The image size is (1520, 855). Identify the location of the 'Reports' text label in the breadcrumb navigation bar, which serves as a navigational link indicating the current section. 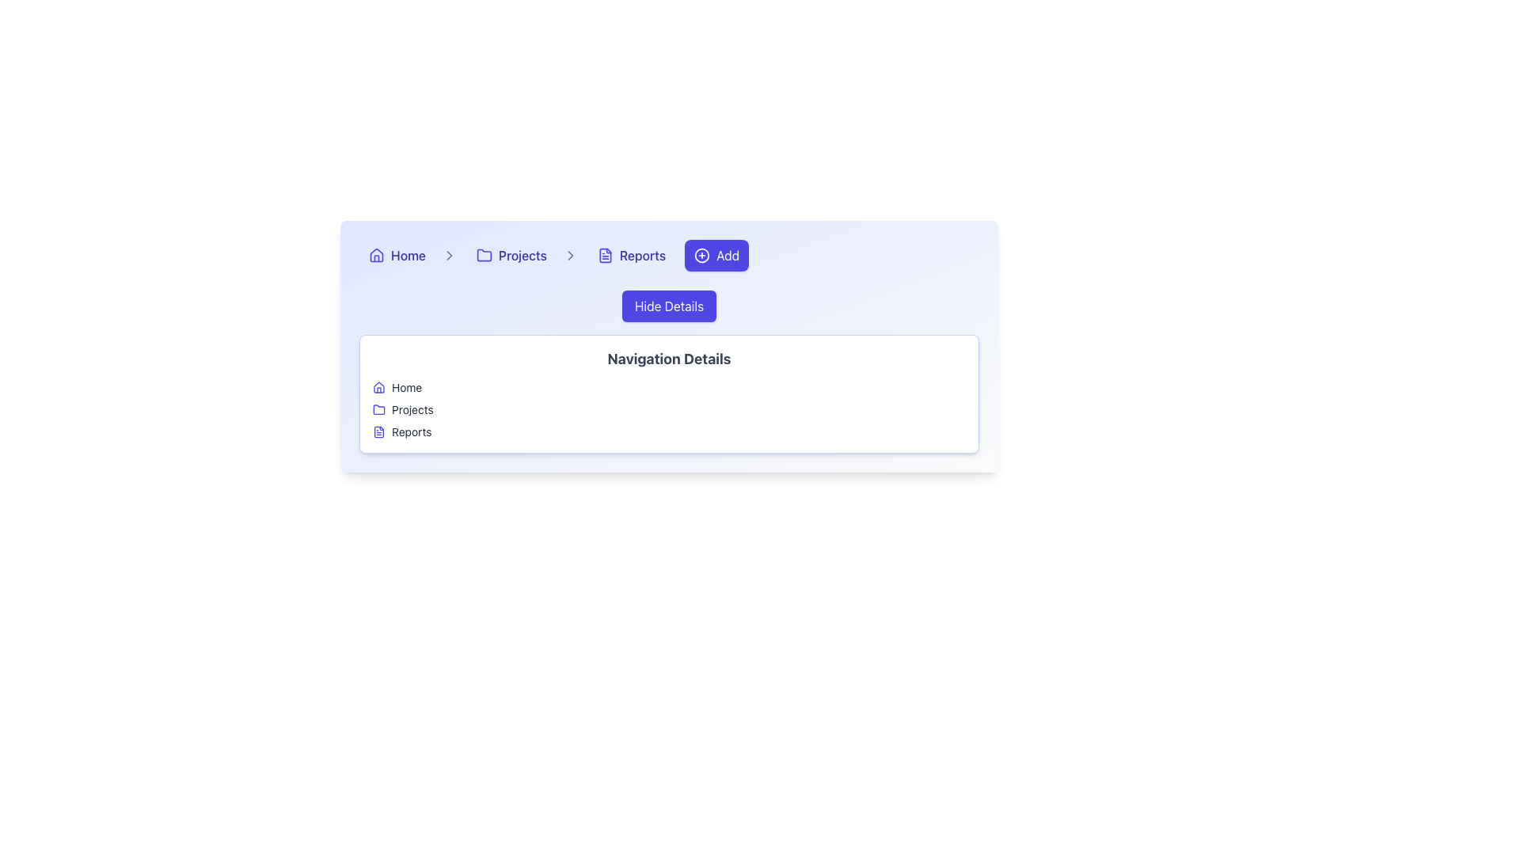
(642, 255).